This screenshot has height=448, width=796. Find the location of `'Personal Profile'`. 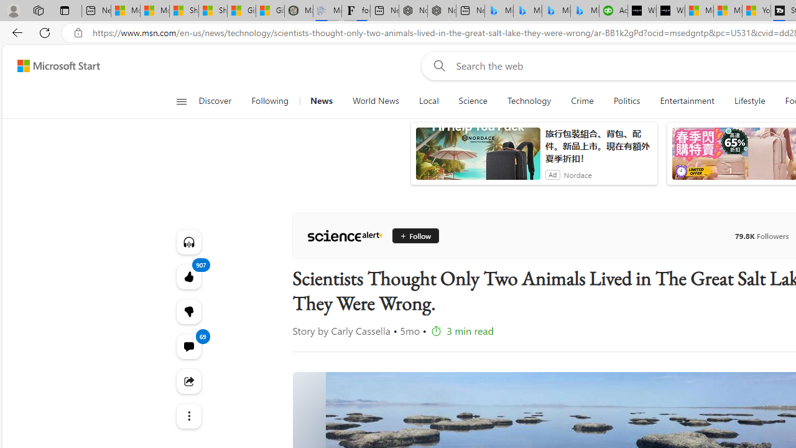

'Personal Profile' is located at coordinates (13, 10).